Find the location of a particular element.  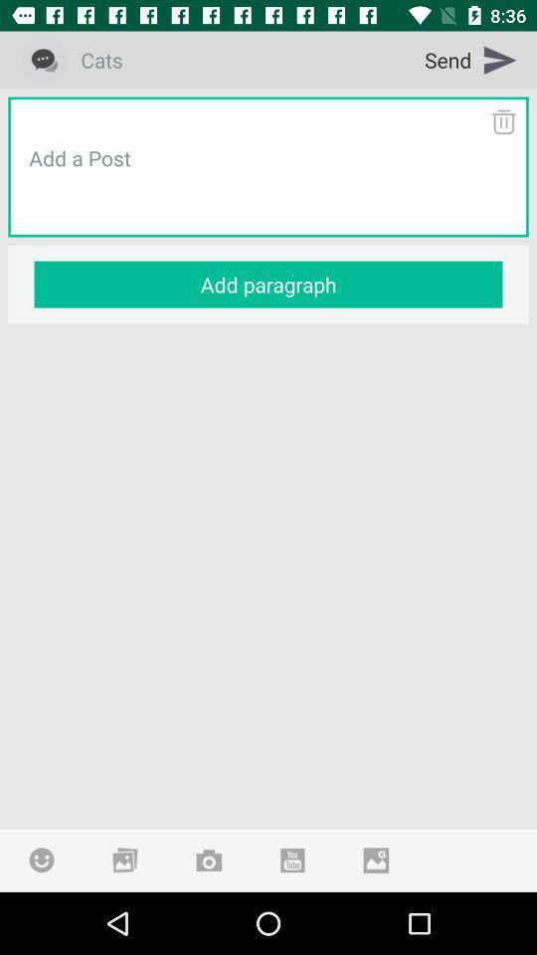

shows add a post to upload is located at coordinates (268, 182).